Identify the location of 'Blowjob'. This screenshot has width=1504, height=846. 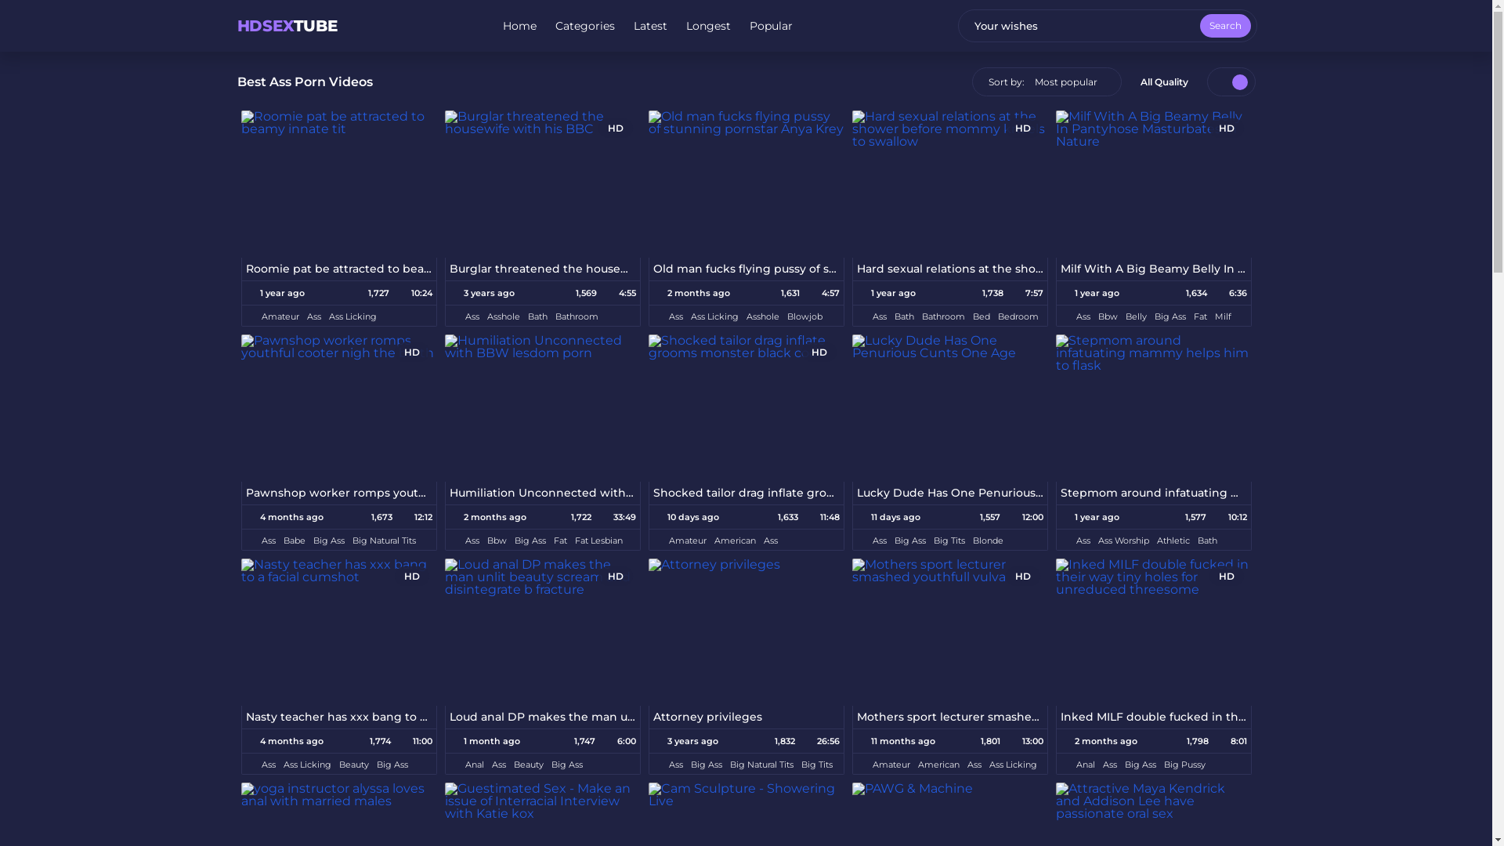
(804, 316).